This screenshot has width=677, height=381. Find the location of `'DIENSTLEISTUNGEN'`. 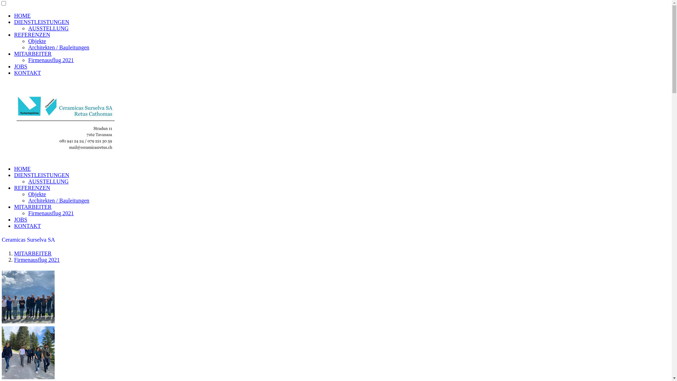

'DIENSTLEISTUNGEN' is located at coordinates (41, 175).